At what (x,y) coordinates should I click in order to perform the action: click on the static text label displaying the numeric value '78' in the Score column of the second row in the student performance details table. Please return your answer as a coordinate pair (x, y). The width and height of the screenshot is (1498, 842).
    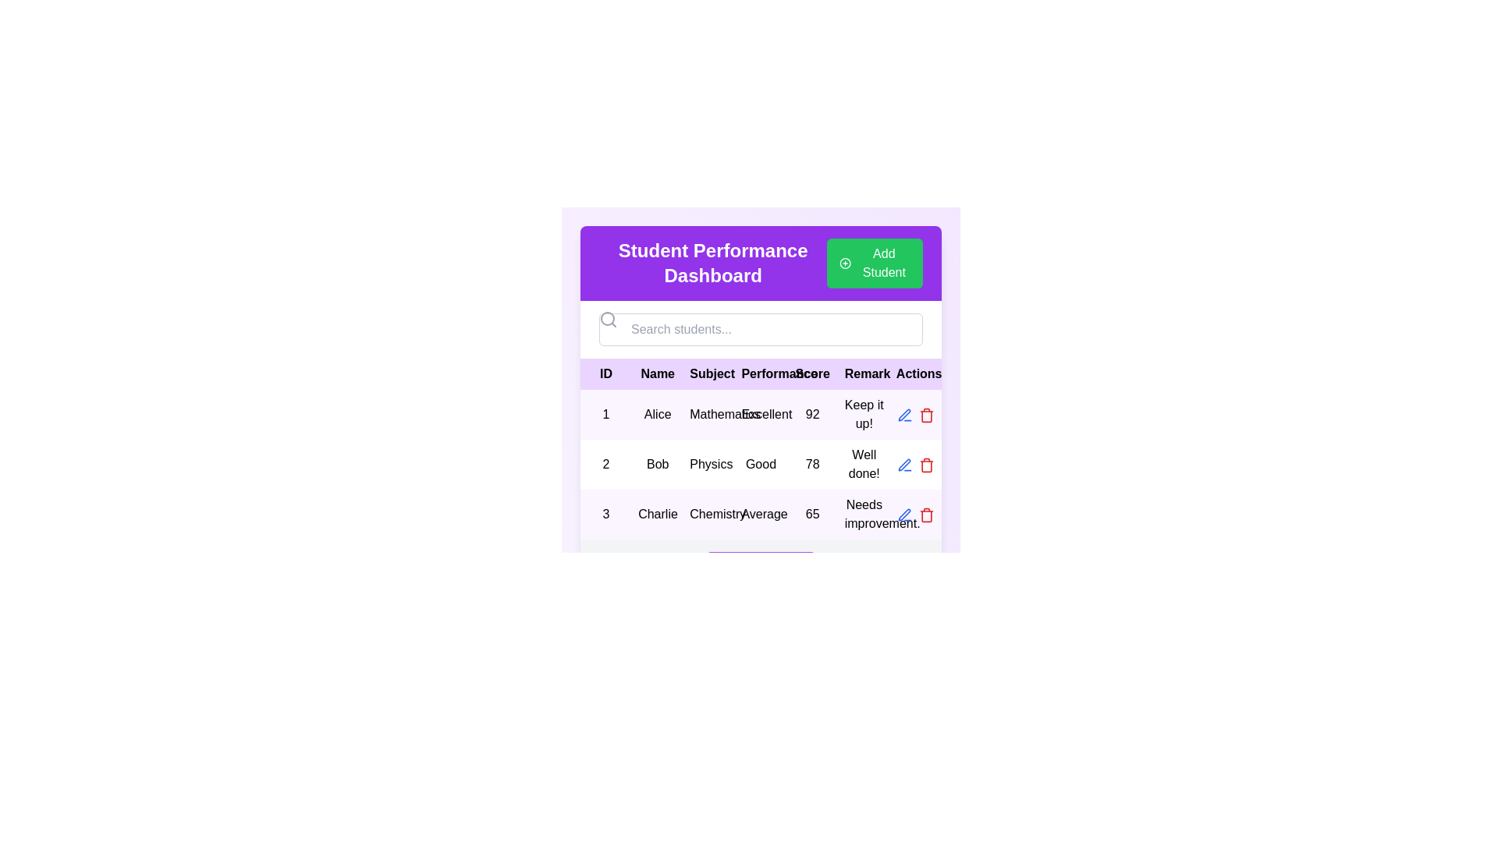
    Looking at the image, I should click on (811, 464).